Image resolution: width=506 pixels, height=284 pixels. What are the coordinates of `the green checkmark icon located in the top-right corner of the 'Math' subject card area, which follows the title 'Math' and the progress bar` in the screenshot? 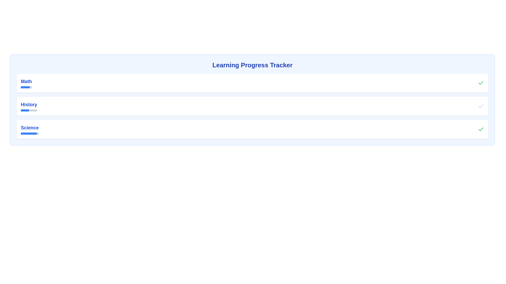 It's located at (481, 83).